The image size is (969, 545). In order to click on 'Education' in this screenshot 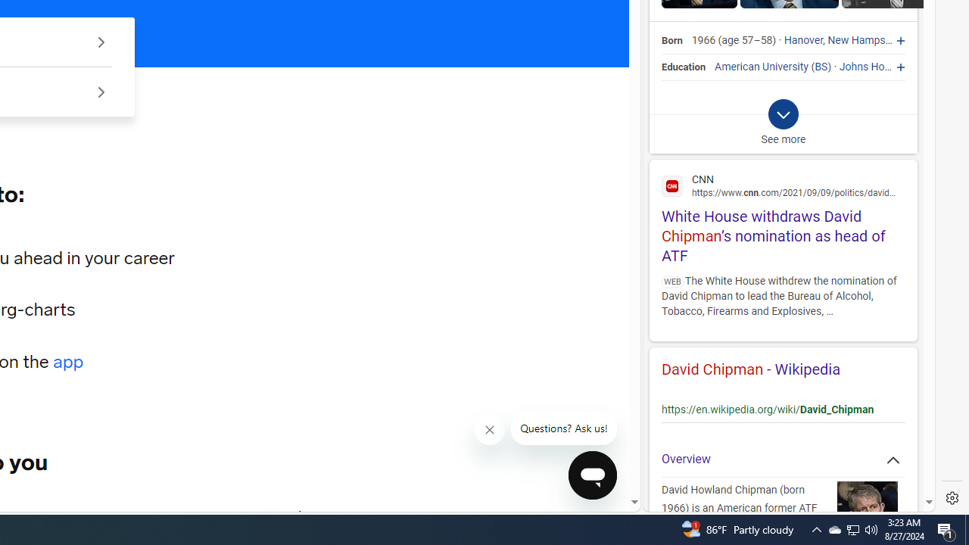, I will do `click(683, 66)`.